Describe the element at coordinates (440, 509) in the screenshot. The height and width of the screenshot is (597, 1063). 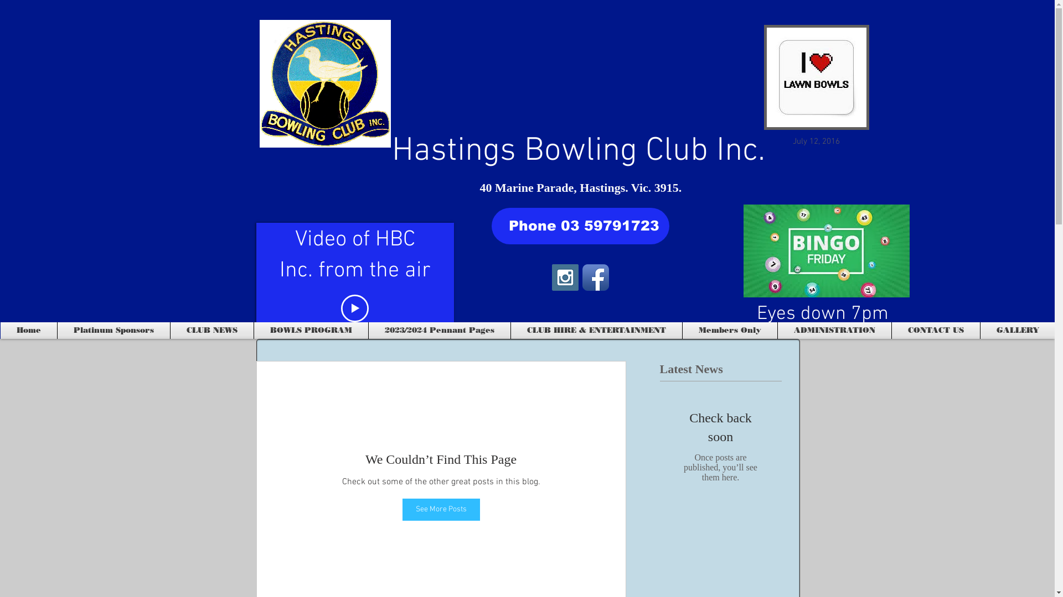
I see `'See More Posts'` at that location.